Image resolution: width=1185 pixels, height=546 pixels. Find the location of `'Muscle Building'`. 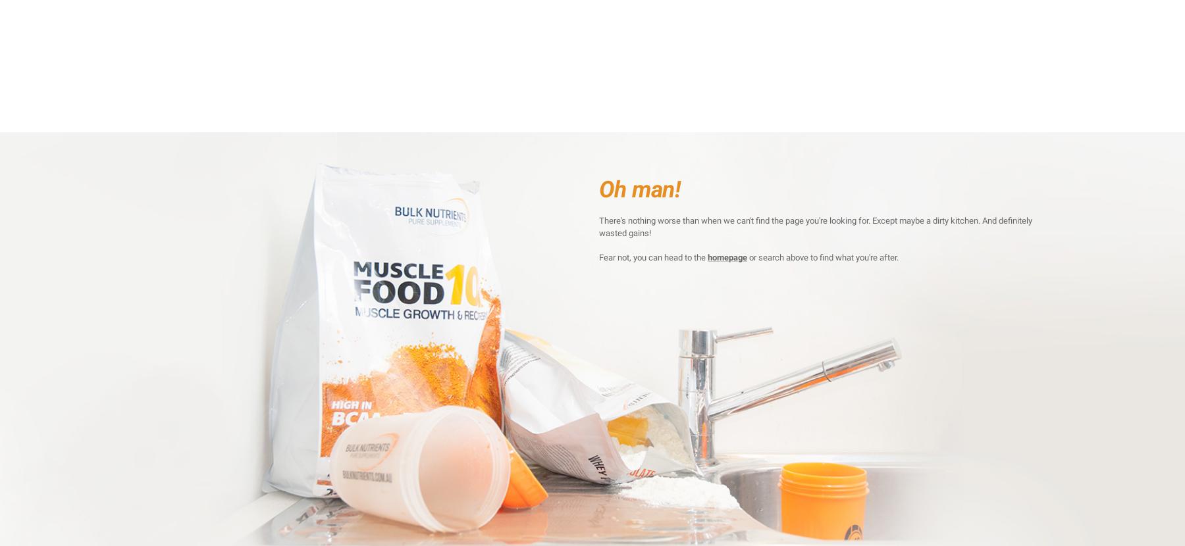

'Muscle Building' is located at coordinates (463, 94).